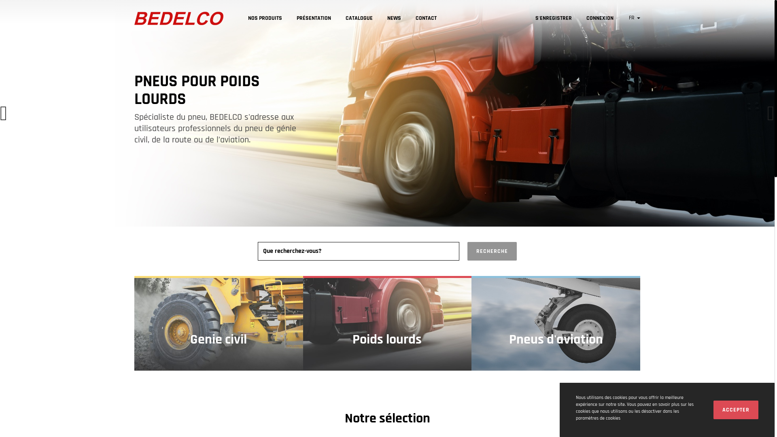 The height and width of the screenshot is (437, 777). What do you see at coordinates (359, 18) in the screenshot?
I see `'CATALOGUE'` at bounding box center [359, 18].